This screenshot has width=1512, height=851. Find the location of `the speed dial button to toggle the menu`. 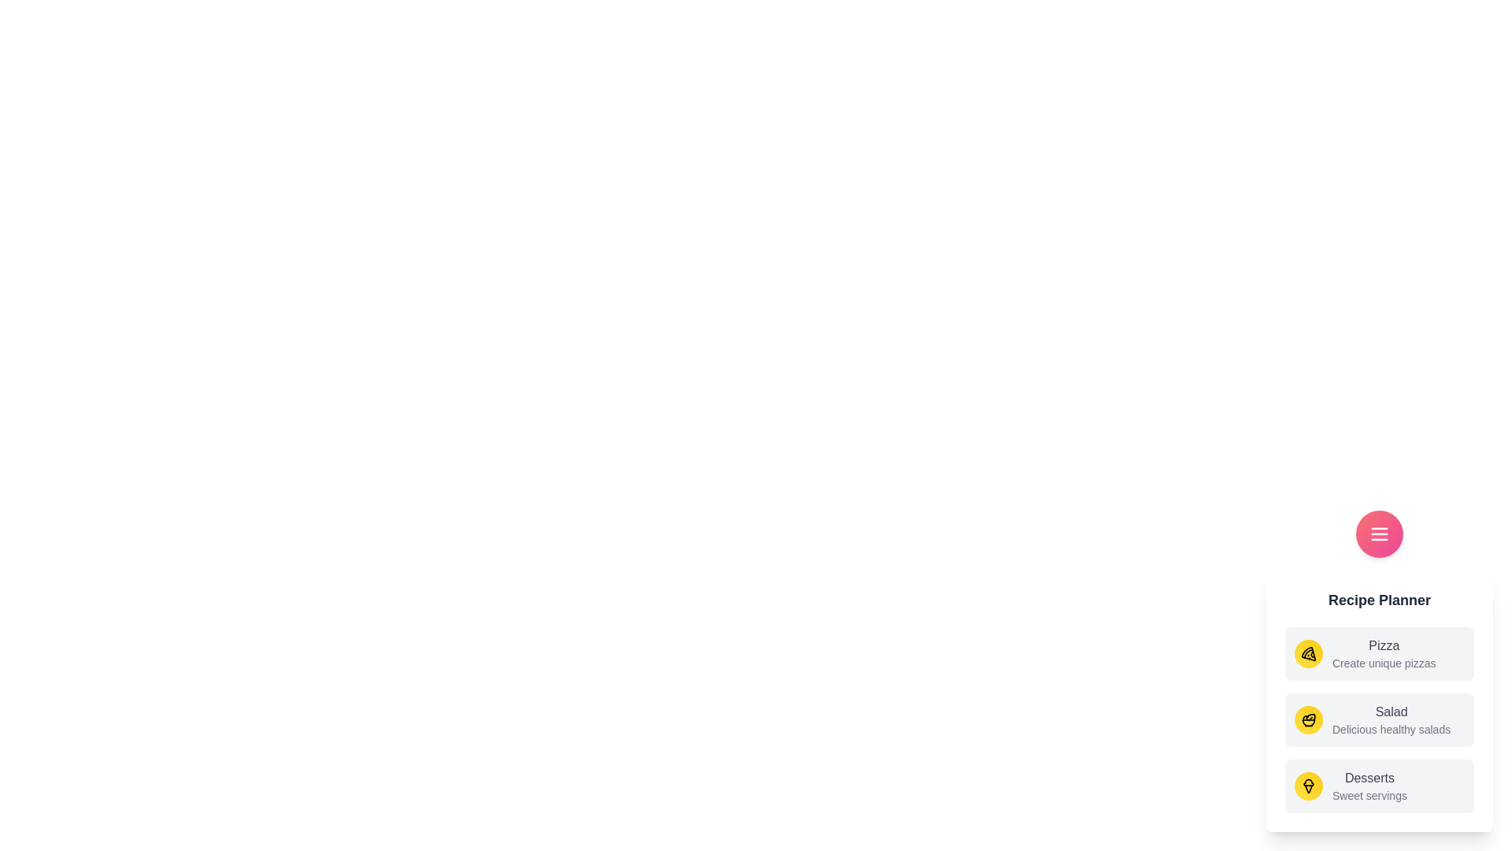

the speed dial button to toggle the menu is located at coordinates (1379, 533).